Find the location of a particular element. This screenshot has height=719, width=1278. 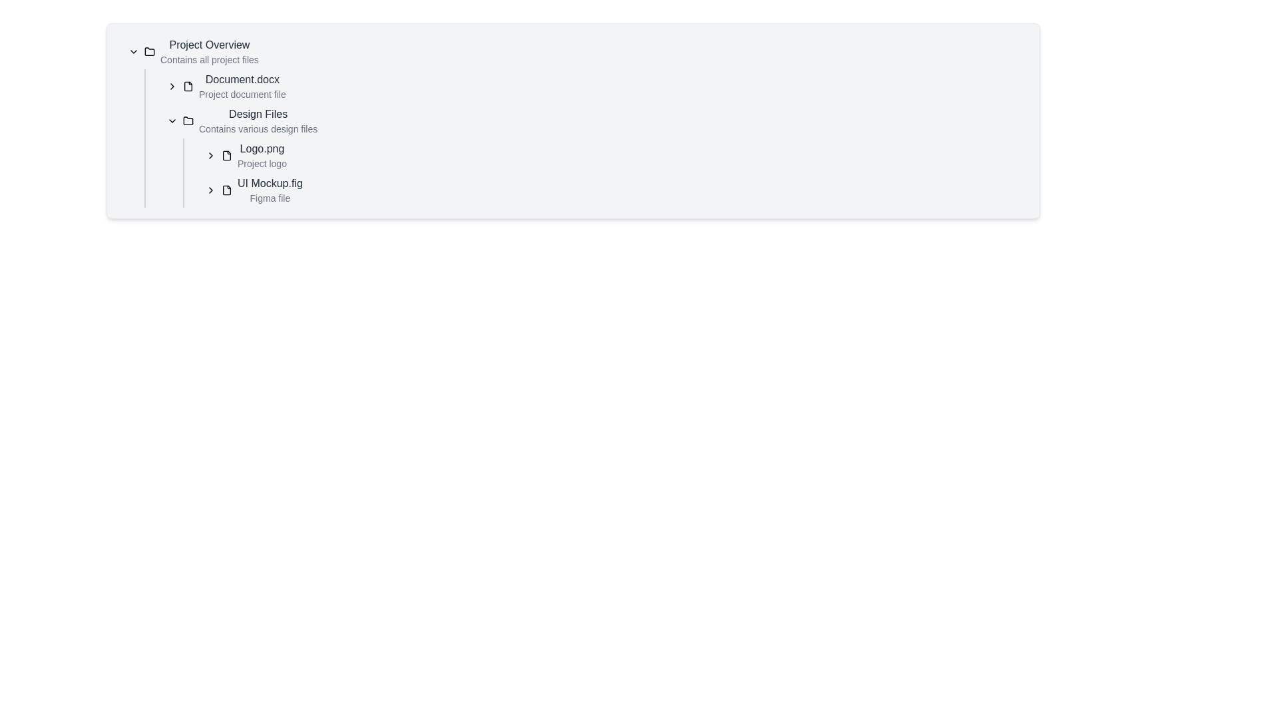

the folder icon associated with 'Design Files' located in the 'Project Overview' section is located at coordinates (188, 120).